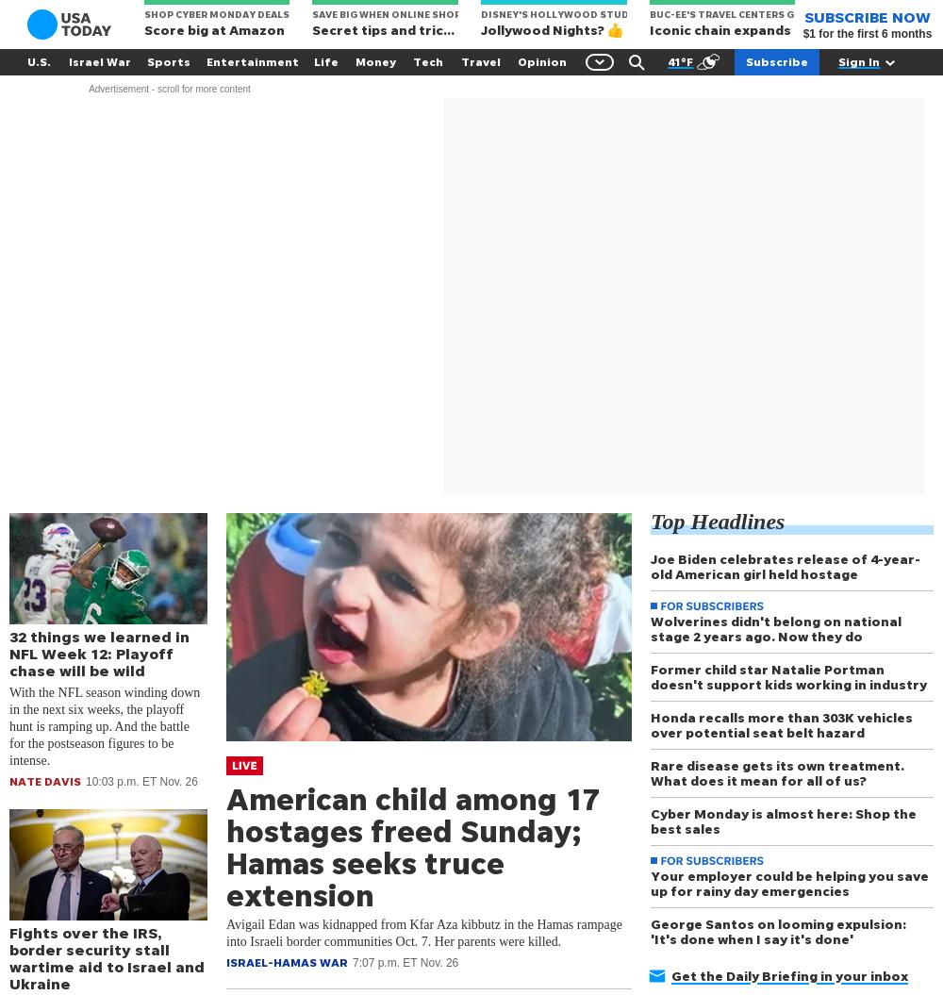 This screenshot has width=943, height=995. What do you see at coordinates (253, 60) in the screenshot?
I see `'Entertainment'` at bounding box center [253, 60].